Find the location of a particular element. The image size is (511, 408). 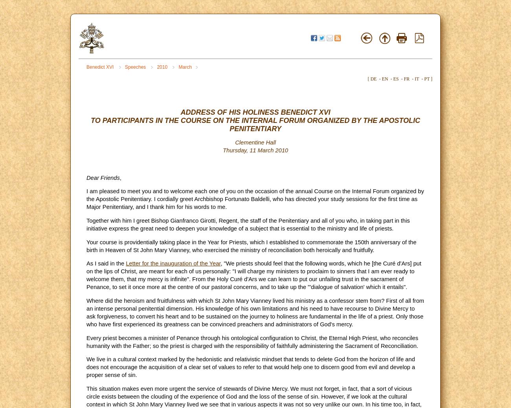

'We live in a cultural context marked by the hedonistic and relativistic mindset that tends to delete God from the horizon of life and does not encourage the acquisition of a clear set of values to refer to that would help one to discern good from evil and develop a proper sense of sin.' is located at coordinates (250, 367).